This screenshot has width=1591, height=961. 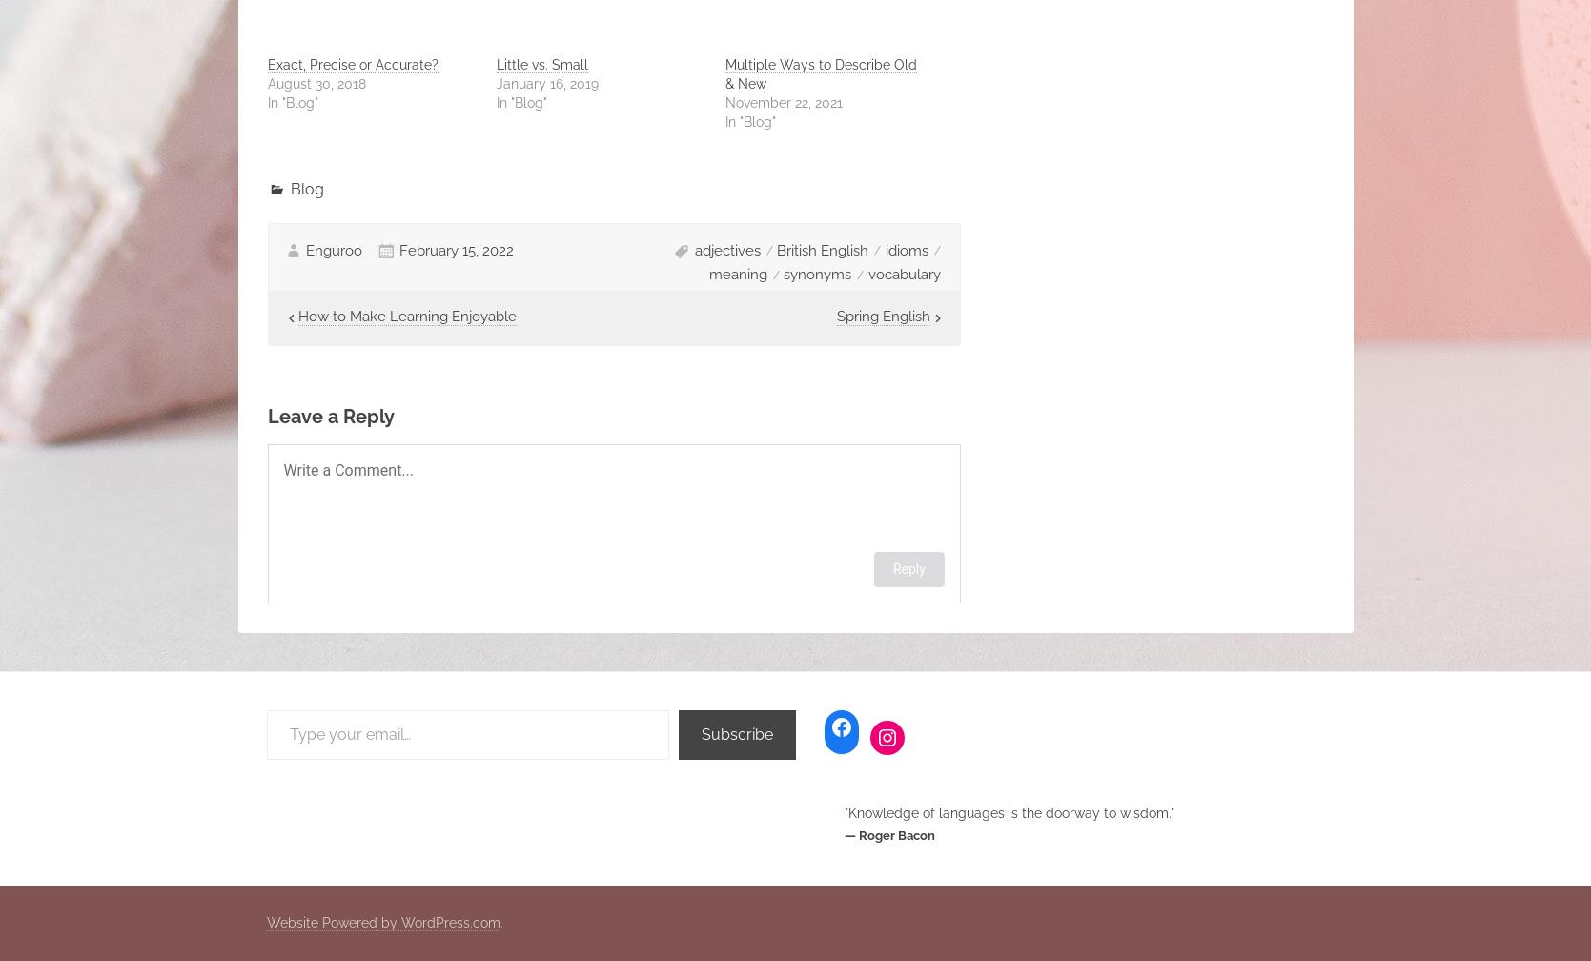 What do you see at coordinates (726, 249) in the screenshot?
I see `'adjectives'` at bounding box center [726, 249].